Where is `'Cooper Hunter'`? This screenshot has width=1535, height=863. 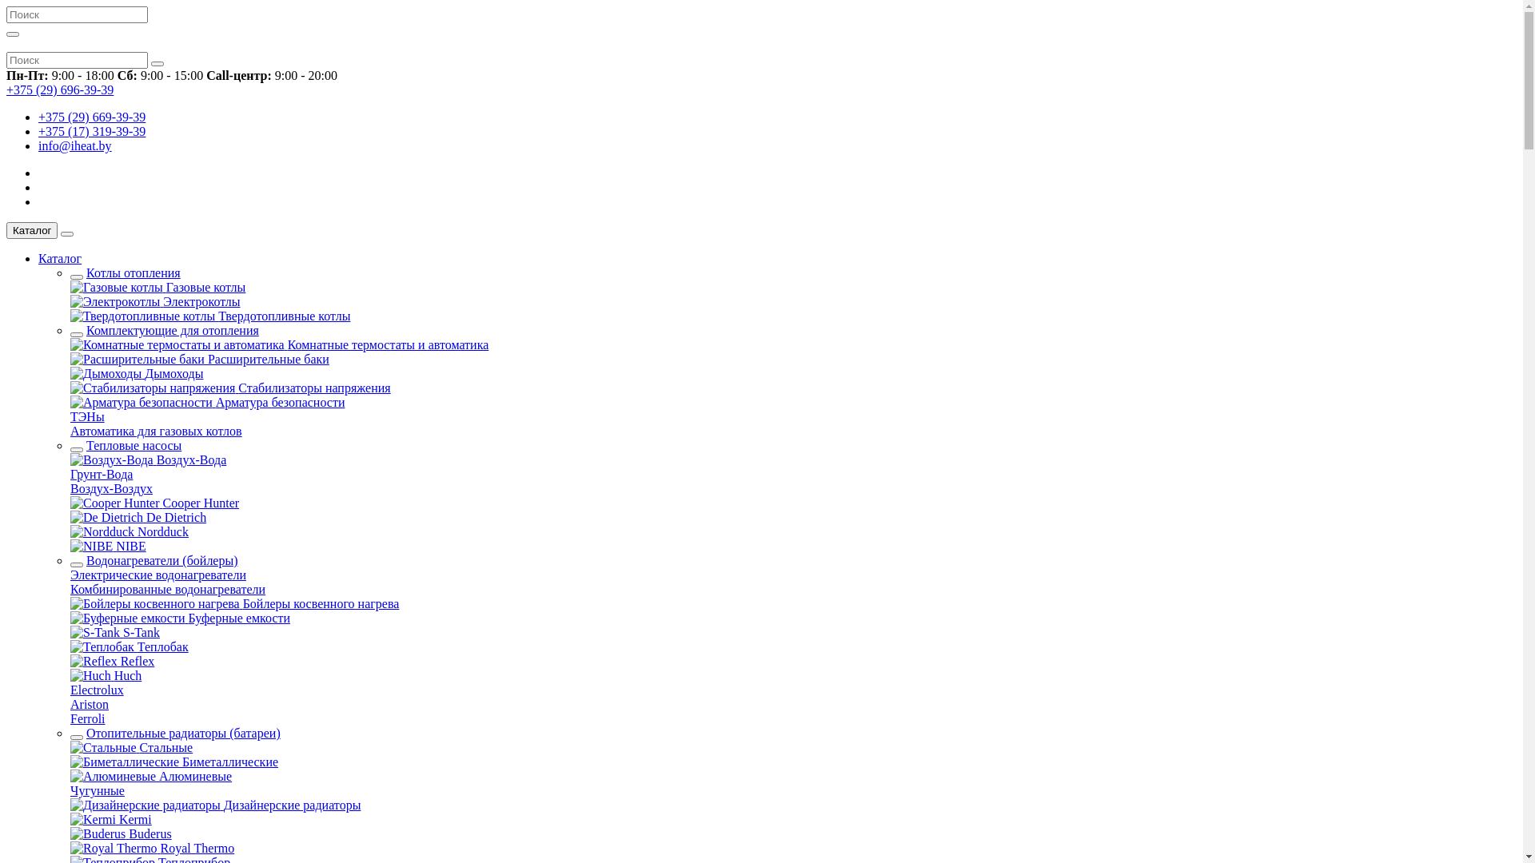
'Cooper Hunter' is located at coordinates (154, 502).